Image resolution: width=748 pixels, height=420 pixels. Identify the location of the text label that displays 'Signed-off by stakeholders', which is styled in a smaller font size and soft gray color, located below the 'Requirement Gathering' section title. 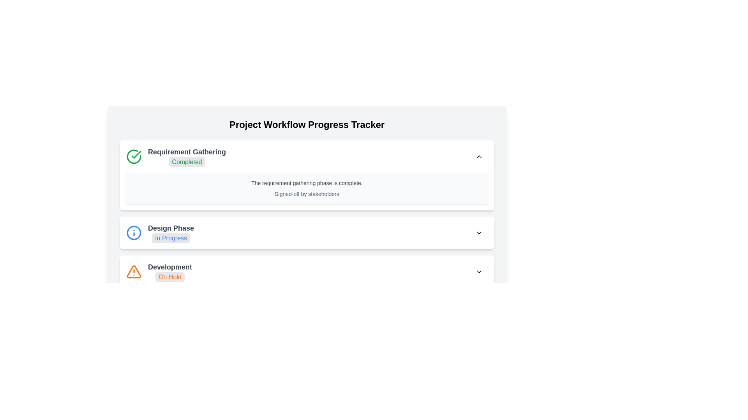
(306, 193).